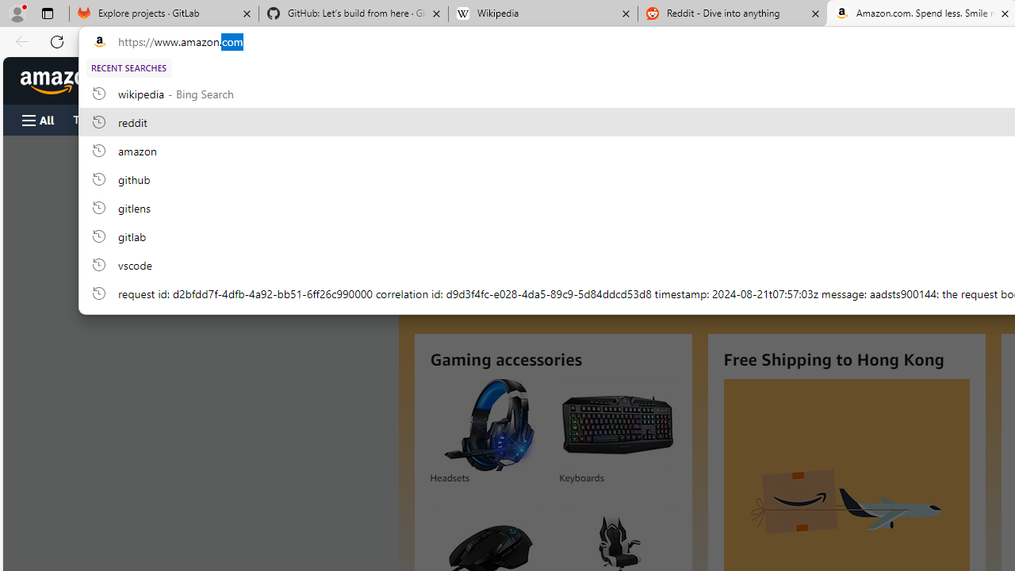 The image size is (1015, 571). Describe the element at coordinates (1004, 13) in the screenshot. I see `'Close tab'` at that location.